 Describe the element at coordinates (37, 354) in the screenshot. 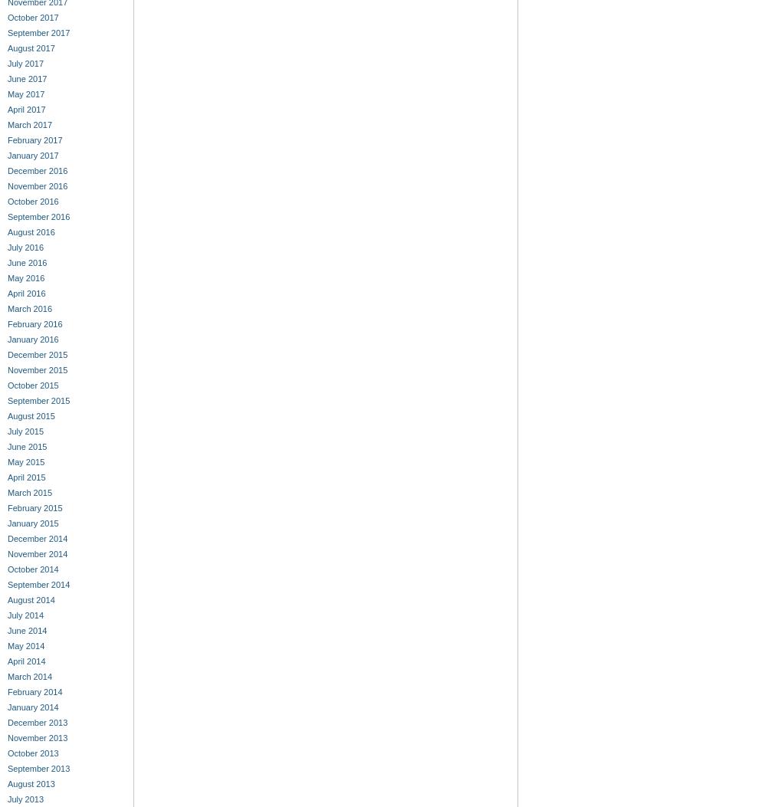

I see `'December 2015'` at that location.